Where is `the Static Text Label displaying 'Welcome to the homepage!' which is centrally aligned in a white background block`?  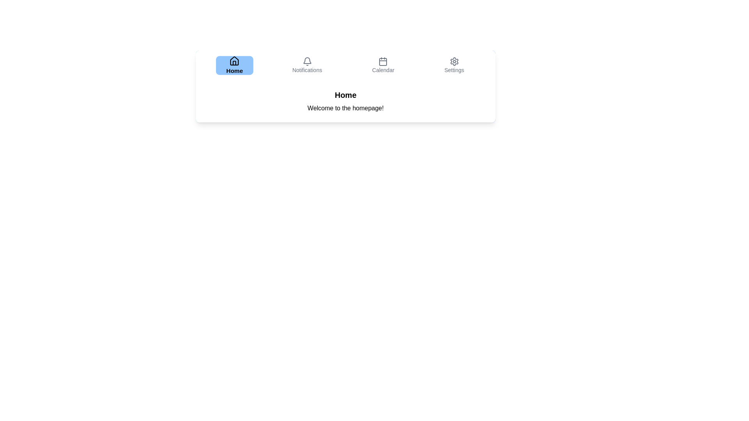
the Static Text Label displaying 'Welcome to the homepage!' which is centrally aligned in a white background block is located at coordinates (345, 108).